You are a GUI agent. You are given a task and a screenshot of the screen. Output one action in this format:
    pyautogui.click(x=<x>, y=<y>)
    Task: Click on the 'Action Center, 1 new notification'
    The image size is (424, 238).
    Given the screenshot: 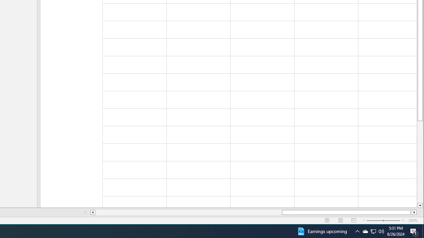 What is the action you would take?
    pyautogui.click(x=414, y=231)
    